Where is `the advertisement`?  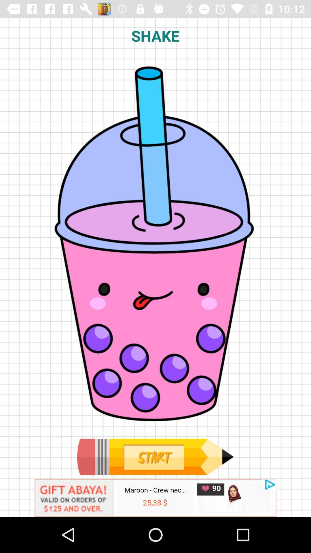 the advertisement is located at coordinates (155, 497).